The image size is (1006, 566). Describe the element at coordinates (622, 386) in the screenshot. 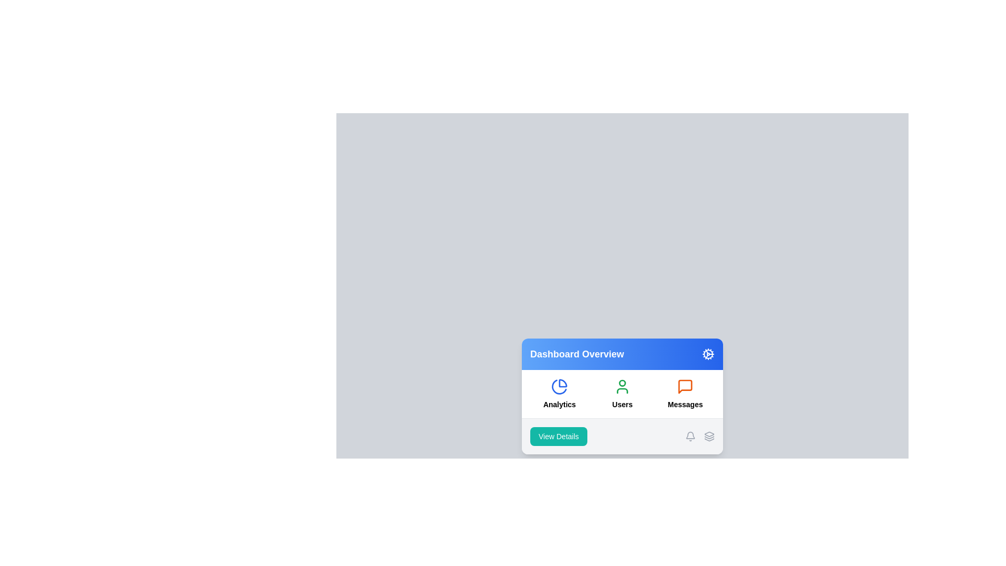

I see `the user profile avatar icon, which is a green, rounded outline representing user functions, located in the 'Users' section of the dashboard` at that location.